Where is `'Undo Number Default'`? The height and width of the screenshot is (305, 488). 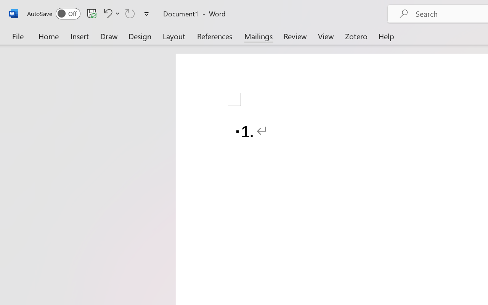
'Undo Number Default' is located at coordinates (106, 13).